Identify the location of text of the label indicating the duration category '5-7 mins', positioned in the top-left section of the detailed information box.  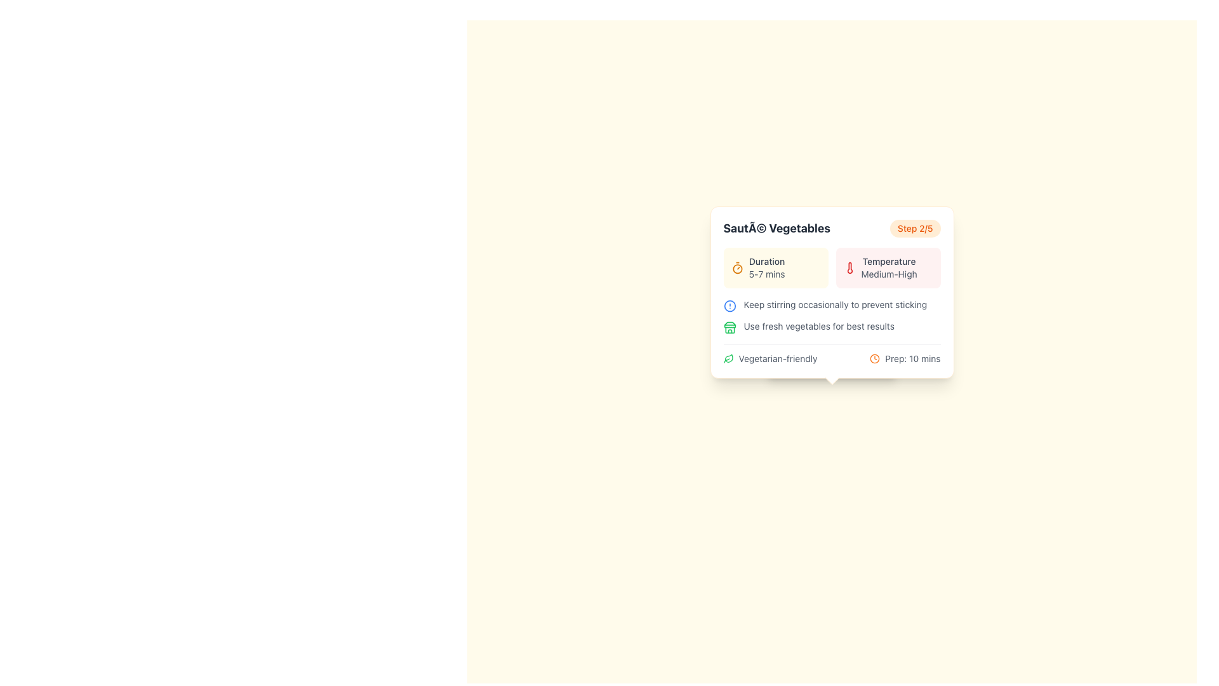
(766, 261).